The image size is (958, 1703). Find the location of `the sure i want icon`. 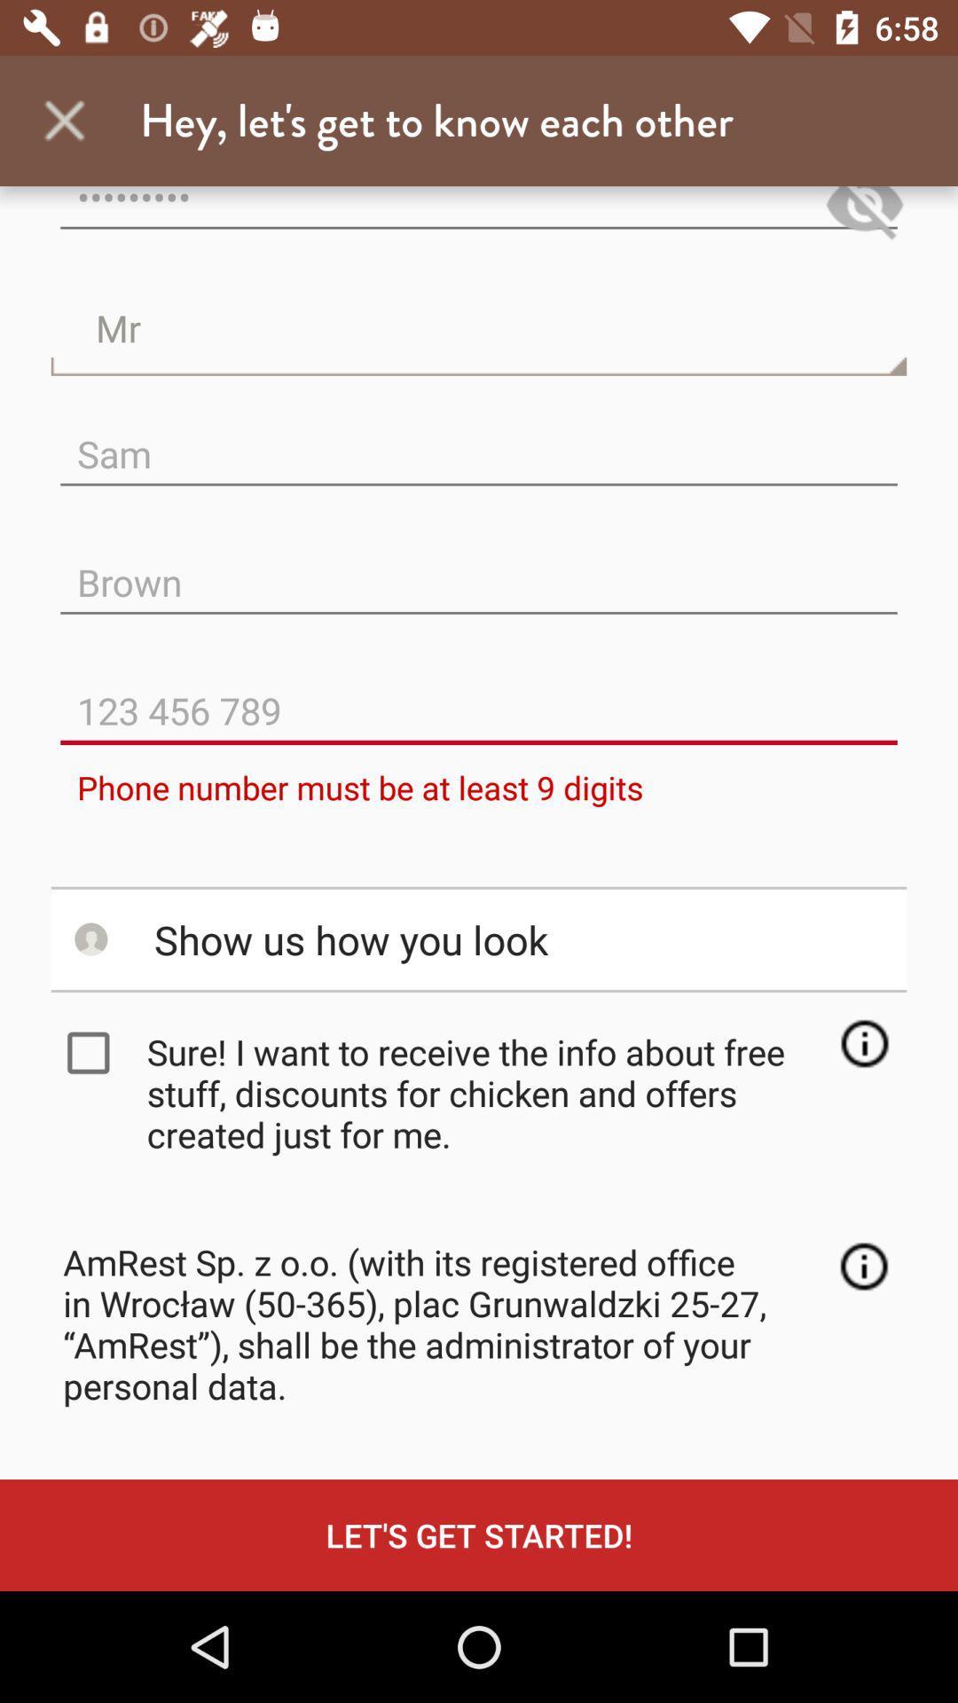

the sure i want icon is located at coordinates (484, 1092).